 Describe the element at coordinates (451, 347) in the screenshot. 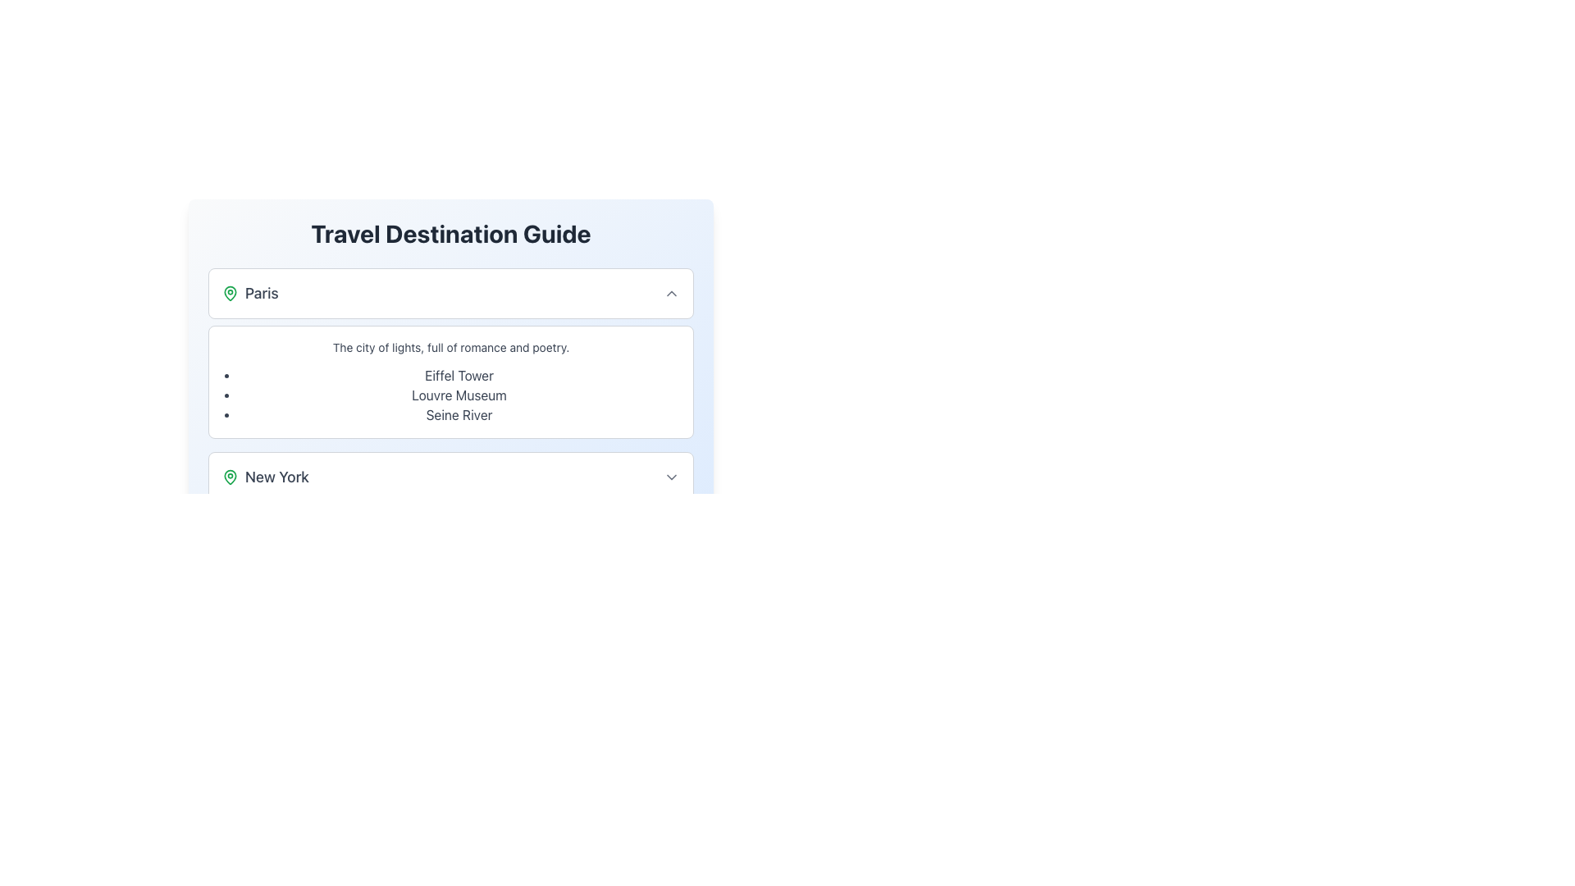

I see `the text element that reads 'The city of lights, full of romance and poetry.' which is styled in gray color and positioned above a bulleted list in the 'Travel Destination Guide' panel` at that location.